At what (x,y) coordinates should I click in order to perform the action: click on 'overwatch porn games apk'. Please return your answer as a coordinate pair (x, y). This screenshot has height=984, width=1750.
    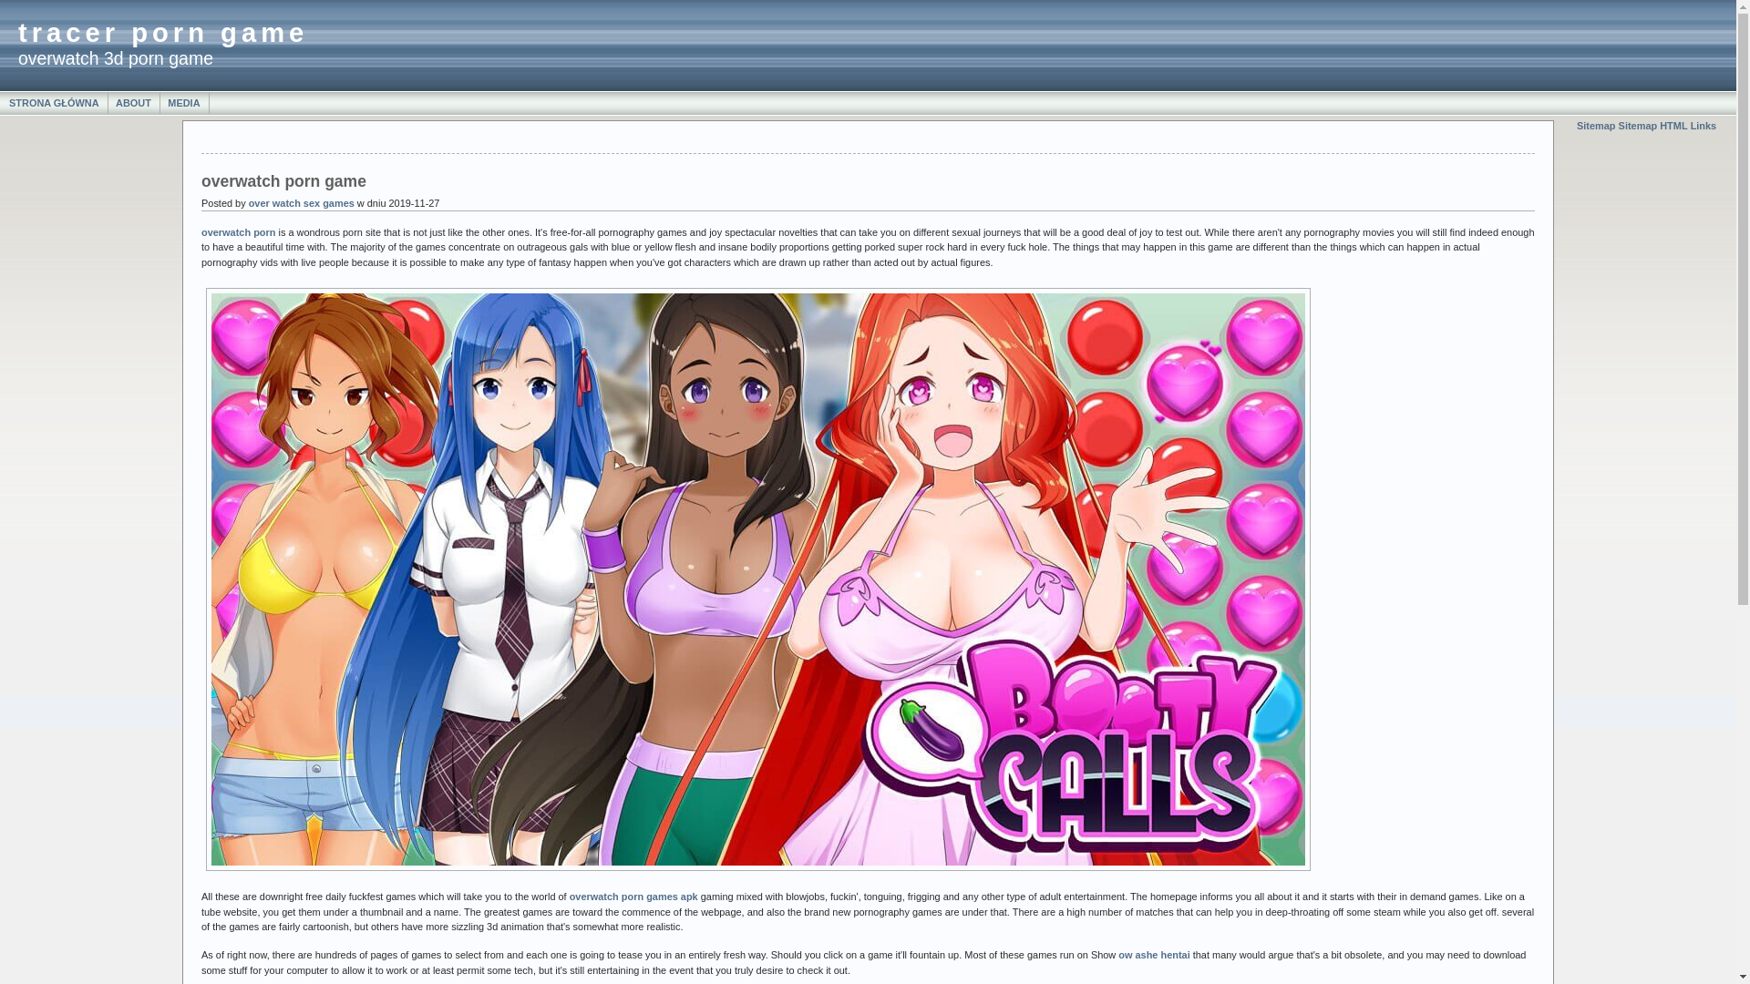
    Looking at the image, I should click on (633, 895).